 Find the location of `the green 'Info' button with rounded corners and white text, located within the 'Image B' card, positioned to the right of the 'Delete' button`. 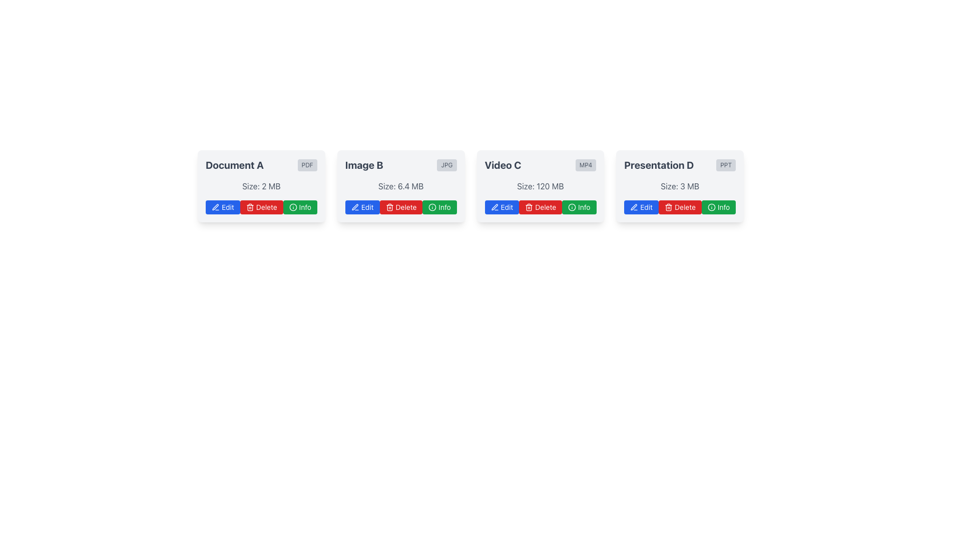

the green 'Info' button with rounded corners and white text, located within the 'Image B' card, positioned to the right of the 'Delete' button is located at coordinates (439, 206).